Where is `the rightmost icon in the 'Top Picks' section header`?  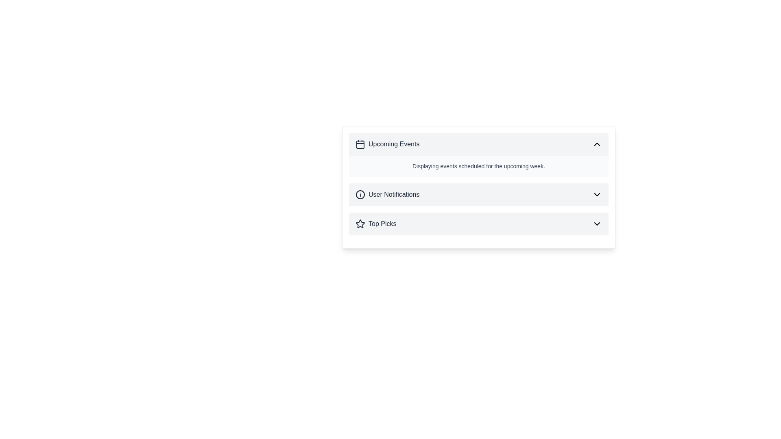
the rightmost icon in the 'Top Picks' section header is located at coordinates (597, 224).